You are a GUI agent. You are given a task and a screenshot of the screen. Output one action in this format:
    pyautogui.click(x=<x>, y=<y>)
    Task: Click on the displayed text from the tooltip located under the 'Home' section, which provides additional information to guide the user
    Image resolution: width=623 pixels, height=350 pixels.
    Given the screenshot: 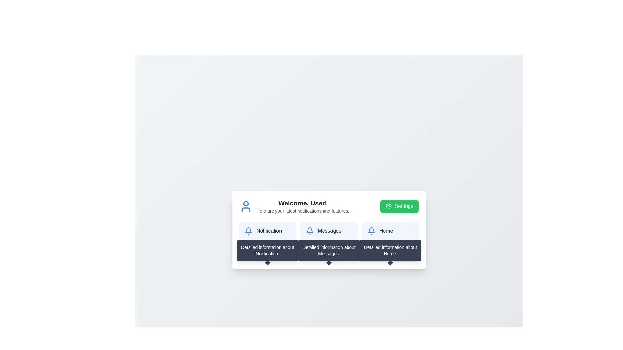 What is the action you would take?
    pyautogui.click(x=390, y=250)
    